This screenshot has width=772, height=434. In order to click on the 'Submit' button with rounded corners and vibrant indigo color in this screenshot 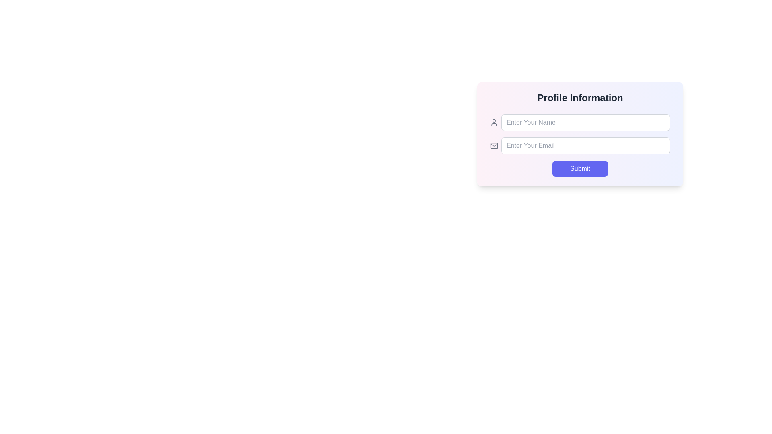, I will do `click(580, 175)`.